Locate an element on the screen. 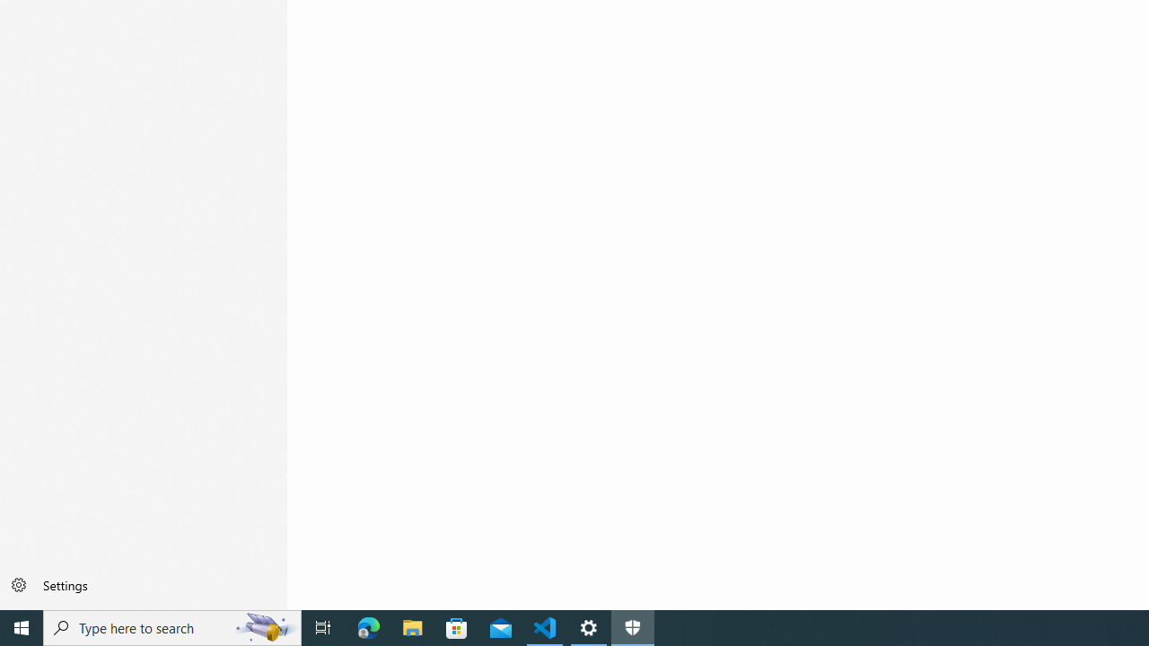 Image resolution: width=1149 pixels, height=646 pixels. 'File Explorer' is located at coordinates (412, 626).